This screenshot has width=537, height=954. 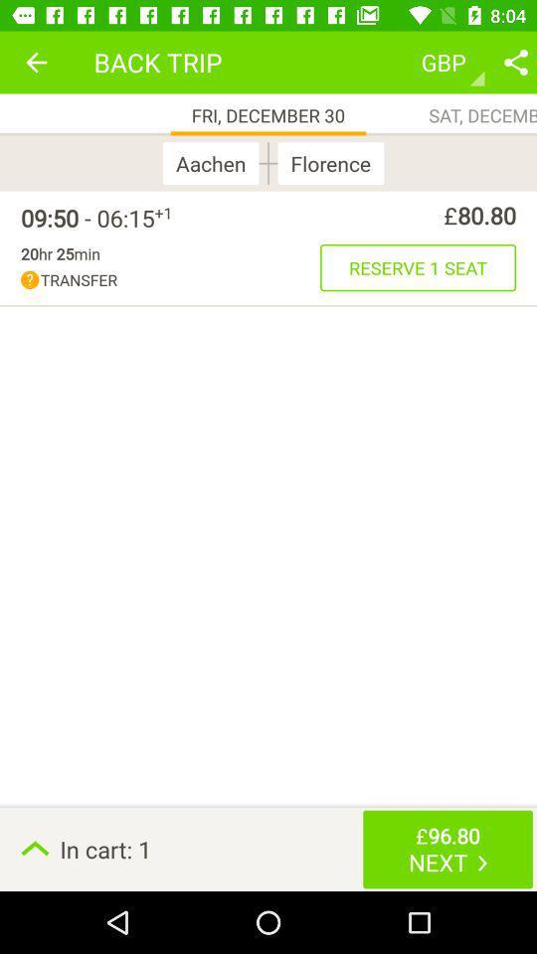 What do you see at coordinates (36, 62) in the screenshot?
I see `the item next to back trip item` at bounding box center [36, 62].